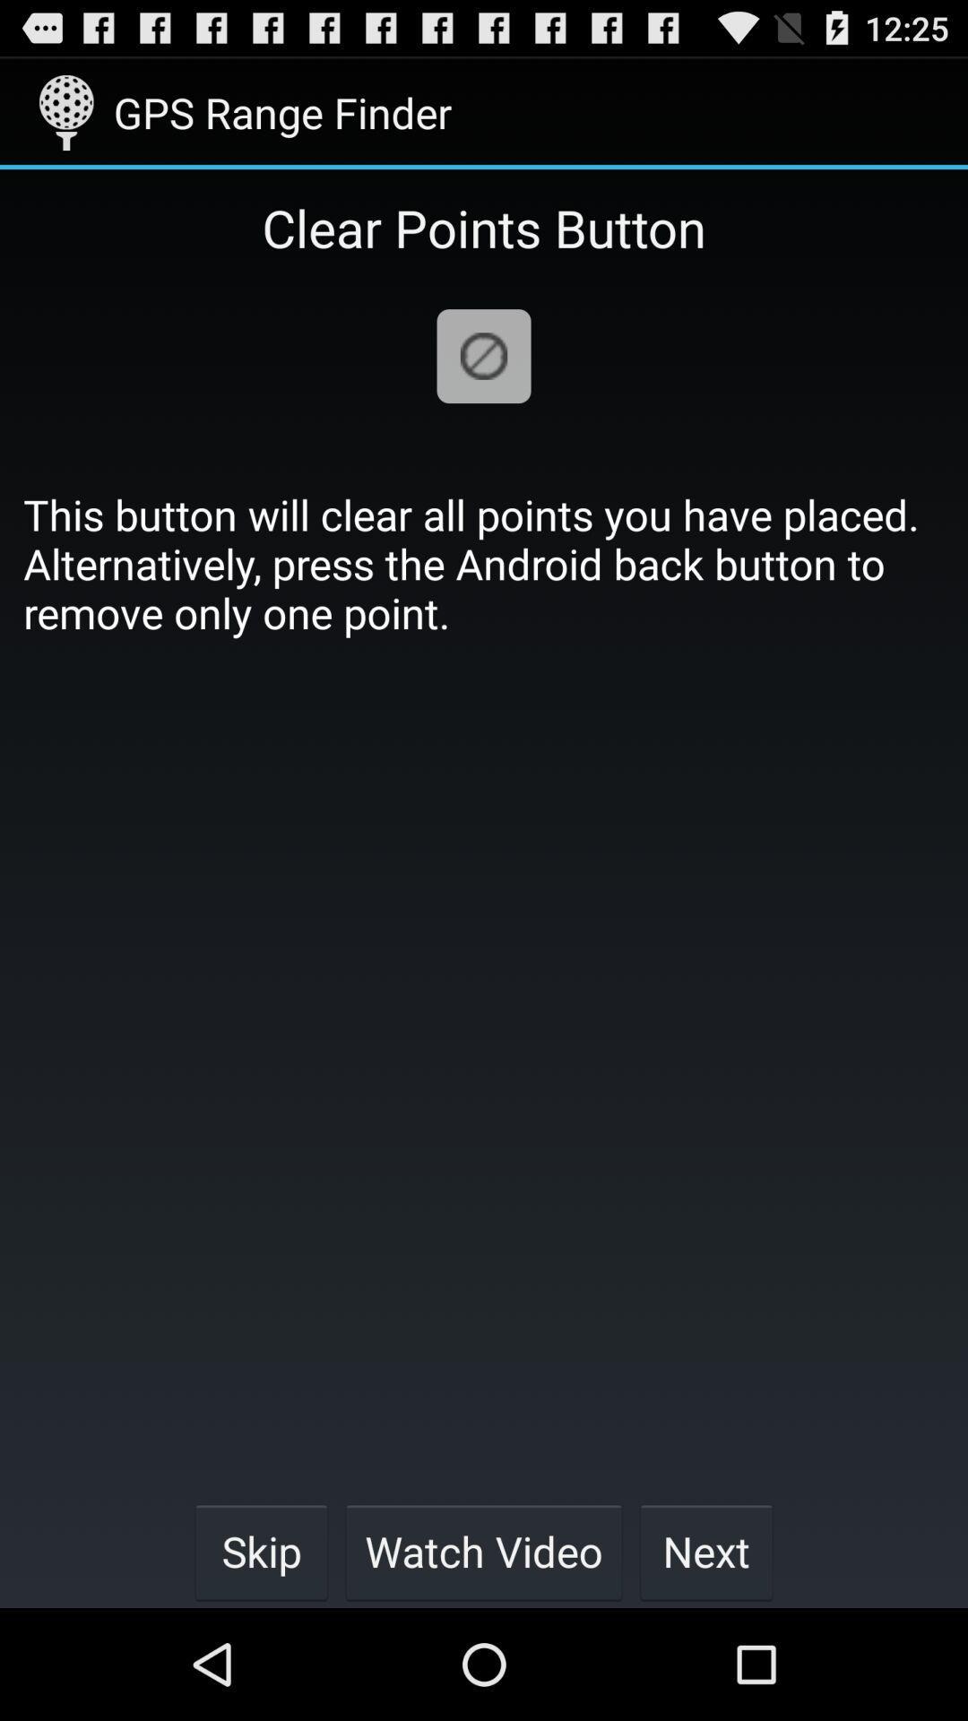 The width and height of the screenshot is (968, 1721). Describe the element at coordinates (705, 1551) in the screenshot. I see `the icon next to watch video button` at that location.